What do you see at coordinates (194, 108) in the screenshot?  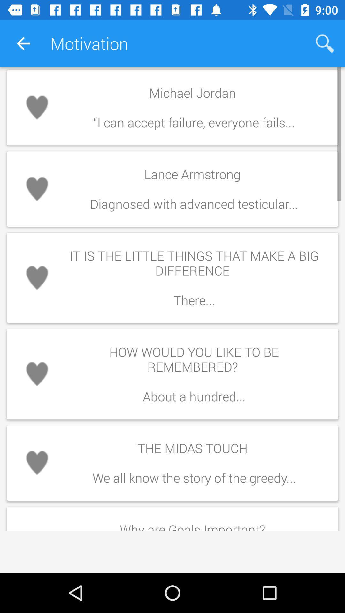 I see `michael jordan  icon` at bounding box center [194, 108].